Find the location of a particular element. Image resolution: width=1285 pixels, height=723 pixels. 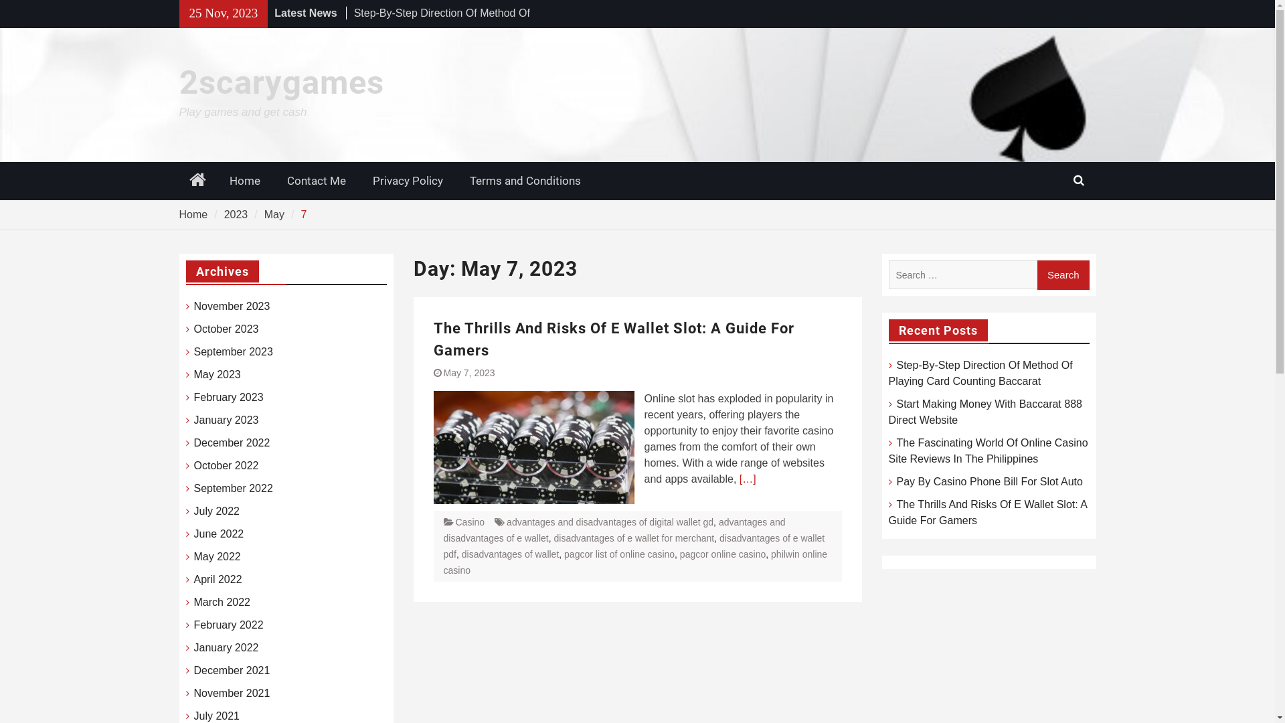

'December 2021' is located at coordinates (232, 671).